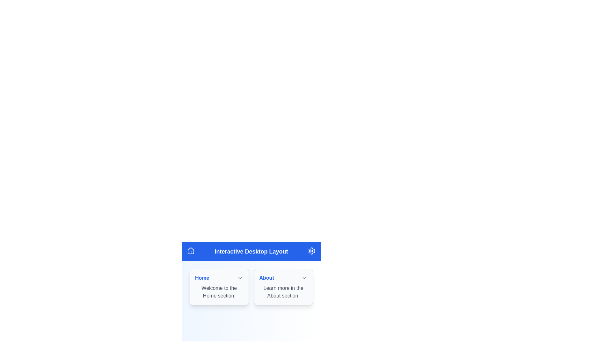 The height and width of the screenshot is (344, 612). What do you see at coordinates (240, 277) in the screenshot?
I see `the Chevron-Down icon located to the right of the 'Home' label at the top-right corner of the 'Home' card` at bounding box center [240, 277].